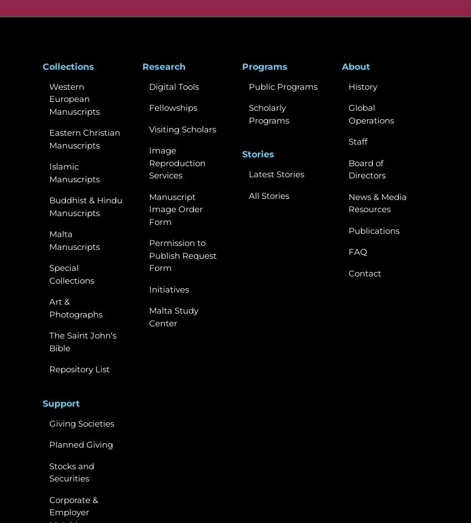  Describe the element at coordinates (377, 196) in the screenshot. I see `'News & Media'` at that location.